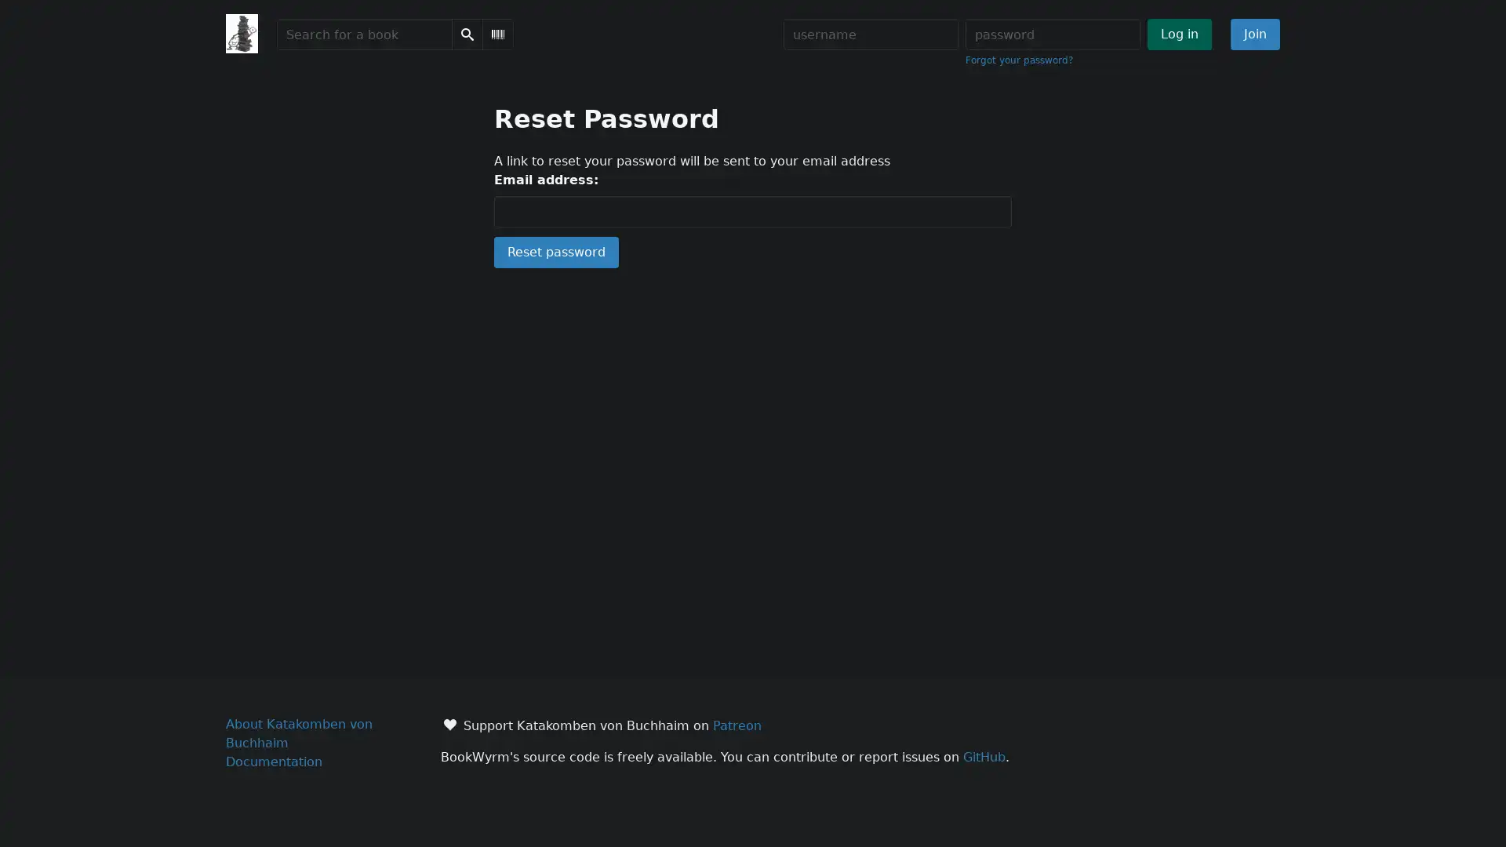 This screenshot has width=1506, height=847. Describe the element at coordinates (556, 251) in the screenshot. I see `Reset password` at that location.